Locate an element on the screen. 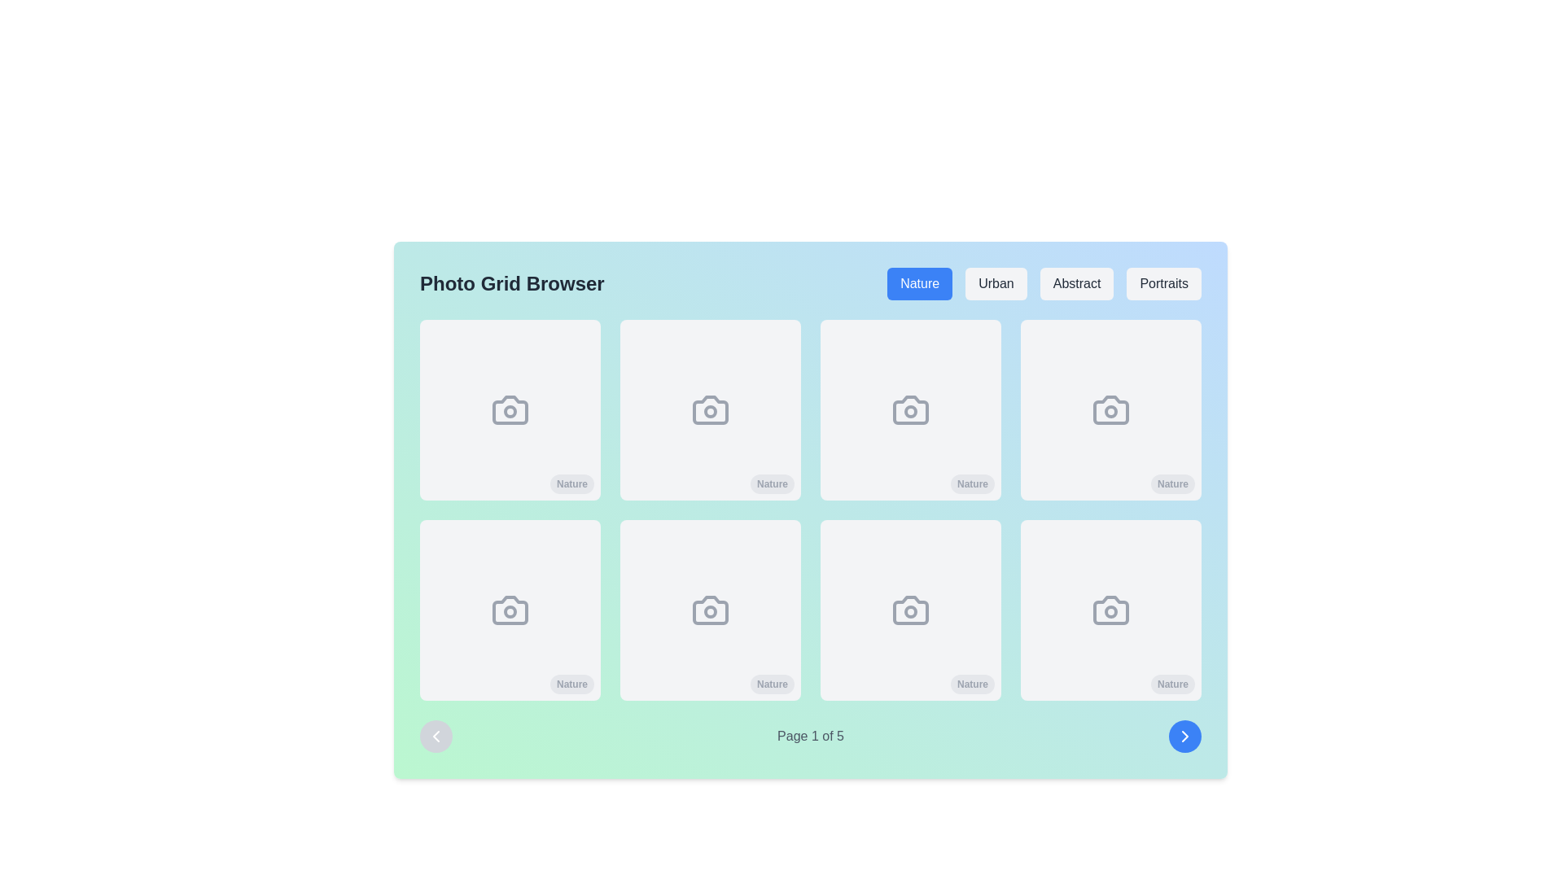 This screenshot has width=1563, height=879. the photo or image placeholder icon located in the 'Nature' tile, which is positioned in the second row and third column of the grid layout is located at coordinates (909, 409).